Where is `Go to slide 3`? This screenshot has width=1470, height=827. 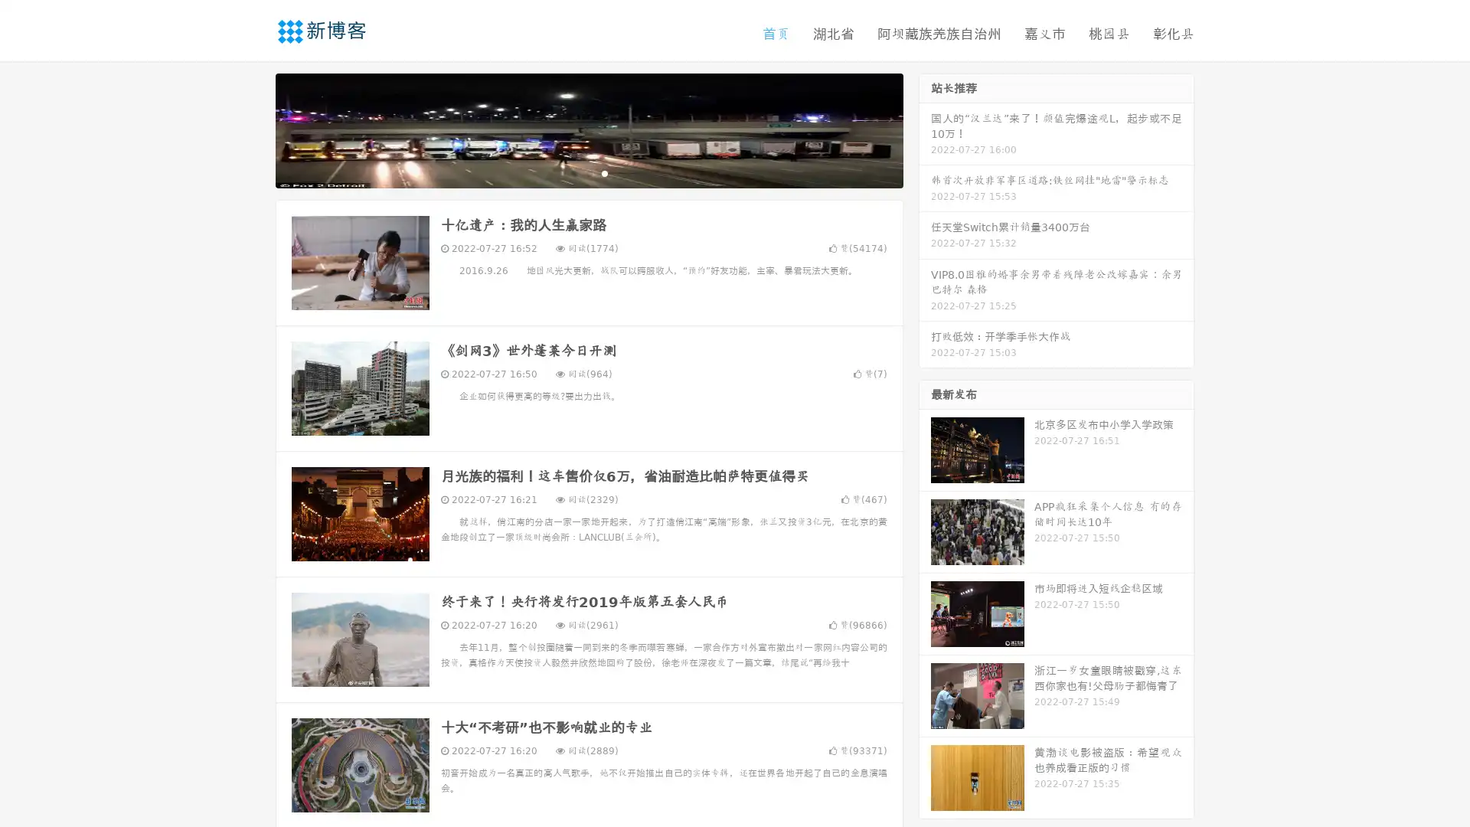 Go to slide 3 is located at coordinates (604, 172).